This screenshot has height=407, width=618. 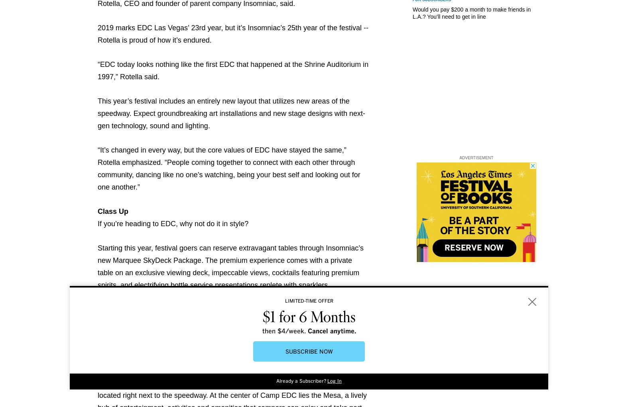 What do you see at coordinates (233, 33) in the screenshot?
I see `'2019 marks EDC Las Vegas’ 23rd year, but it’s Insomniac’s 25th year of the festival -- Rotella is proud of how it’s endured.'` at bounding box center [233, 33].